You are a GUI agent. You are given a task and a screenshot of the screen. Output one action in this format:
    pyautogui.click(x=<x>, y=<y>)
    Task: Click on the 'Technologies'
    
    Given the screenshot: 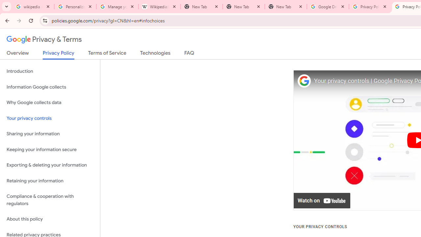 What is the action you would take?
    pyautogui.click(x=155, y=54)
    